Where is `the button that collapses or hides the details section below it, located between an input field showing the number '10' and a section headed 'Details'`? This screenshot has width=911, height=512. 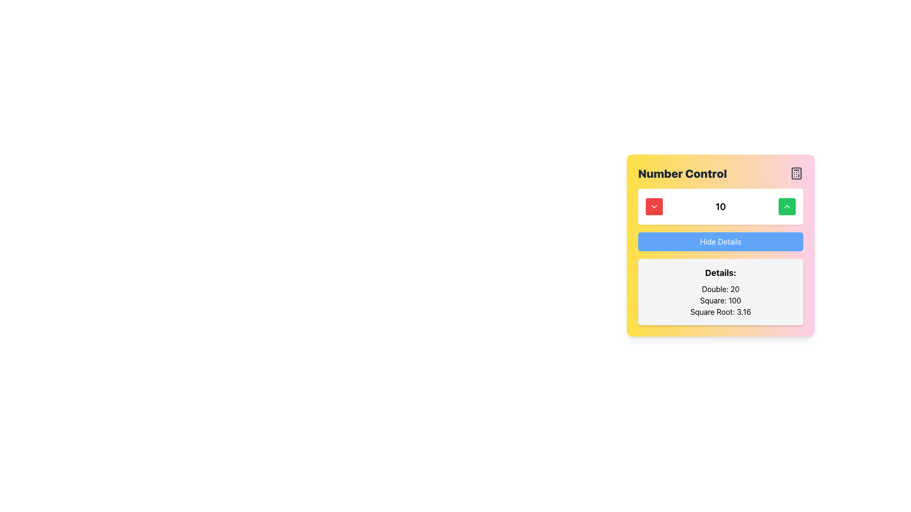
the button that collapses or hides the details section below it, located between an input field showing the number '10' and a section headed 'Details' is located at coordinates (720, 245).